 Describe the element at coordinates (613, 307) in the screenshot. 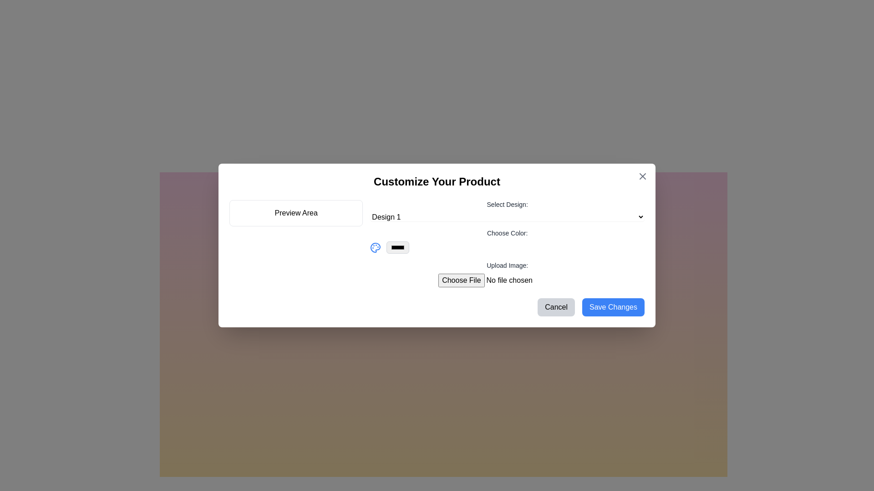

I see `the 'Save Changes' button, which is a blue rectangular button with white text, located at the bottom-right of the dialog interface` at that location.